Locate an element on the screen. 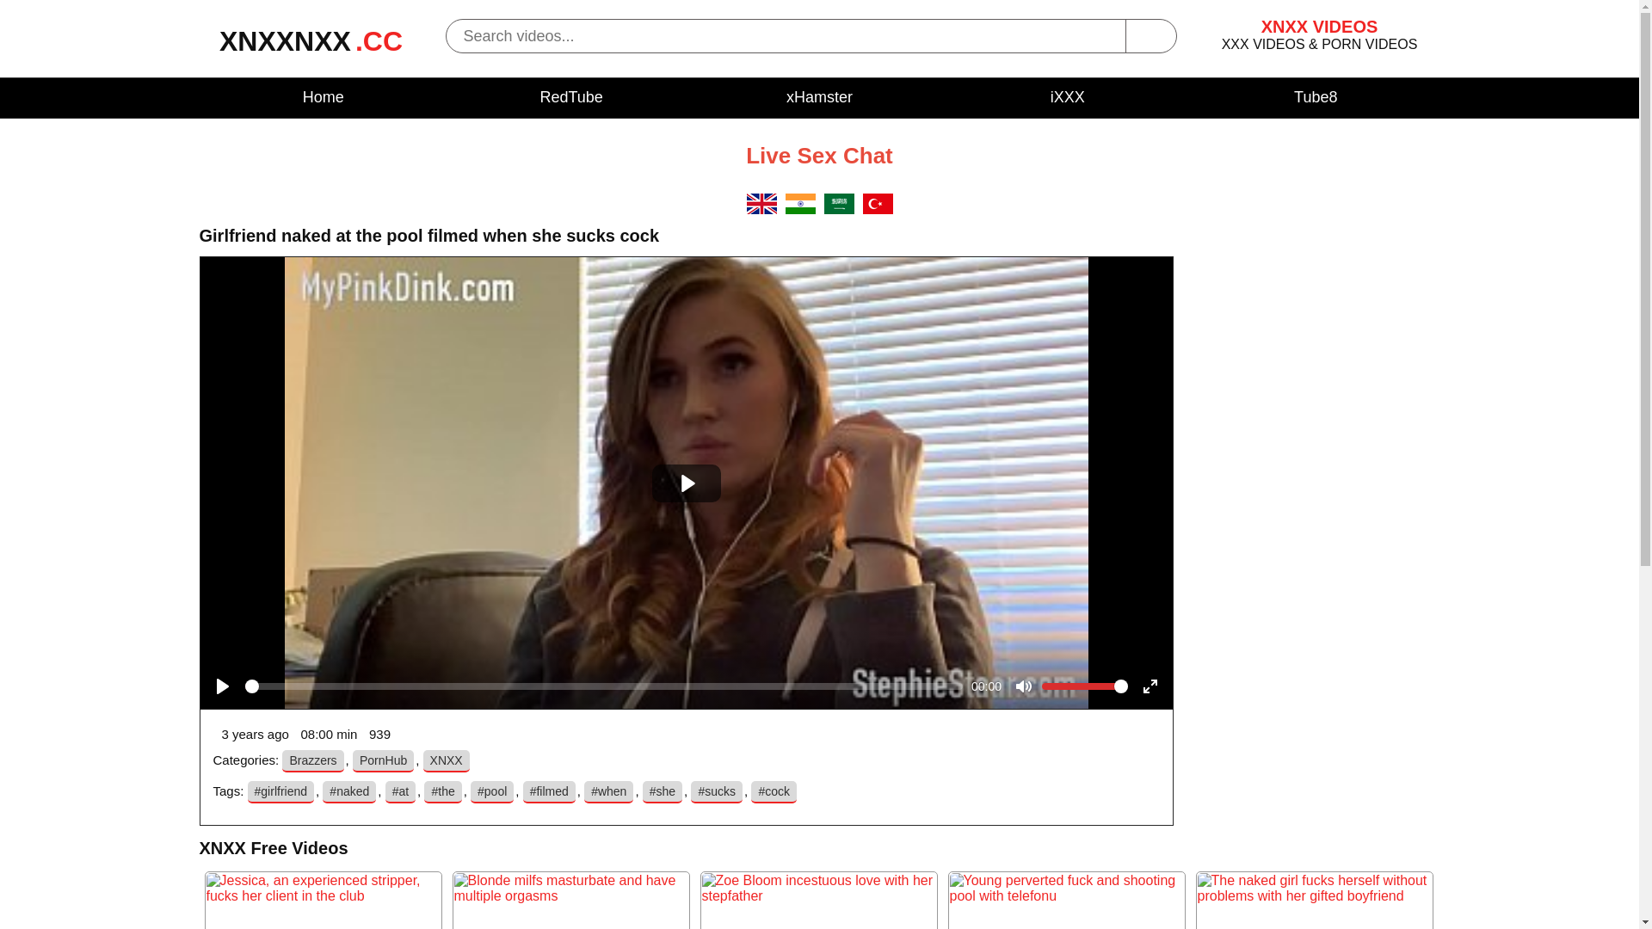 Image resolution: width=1652 pixels, height=929 pixels. 'EN' is located at coordinates (761, 208).